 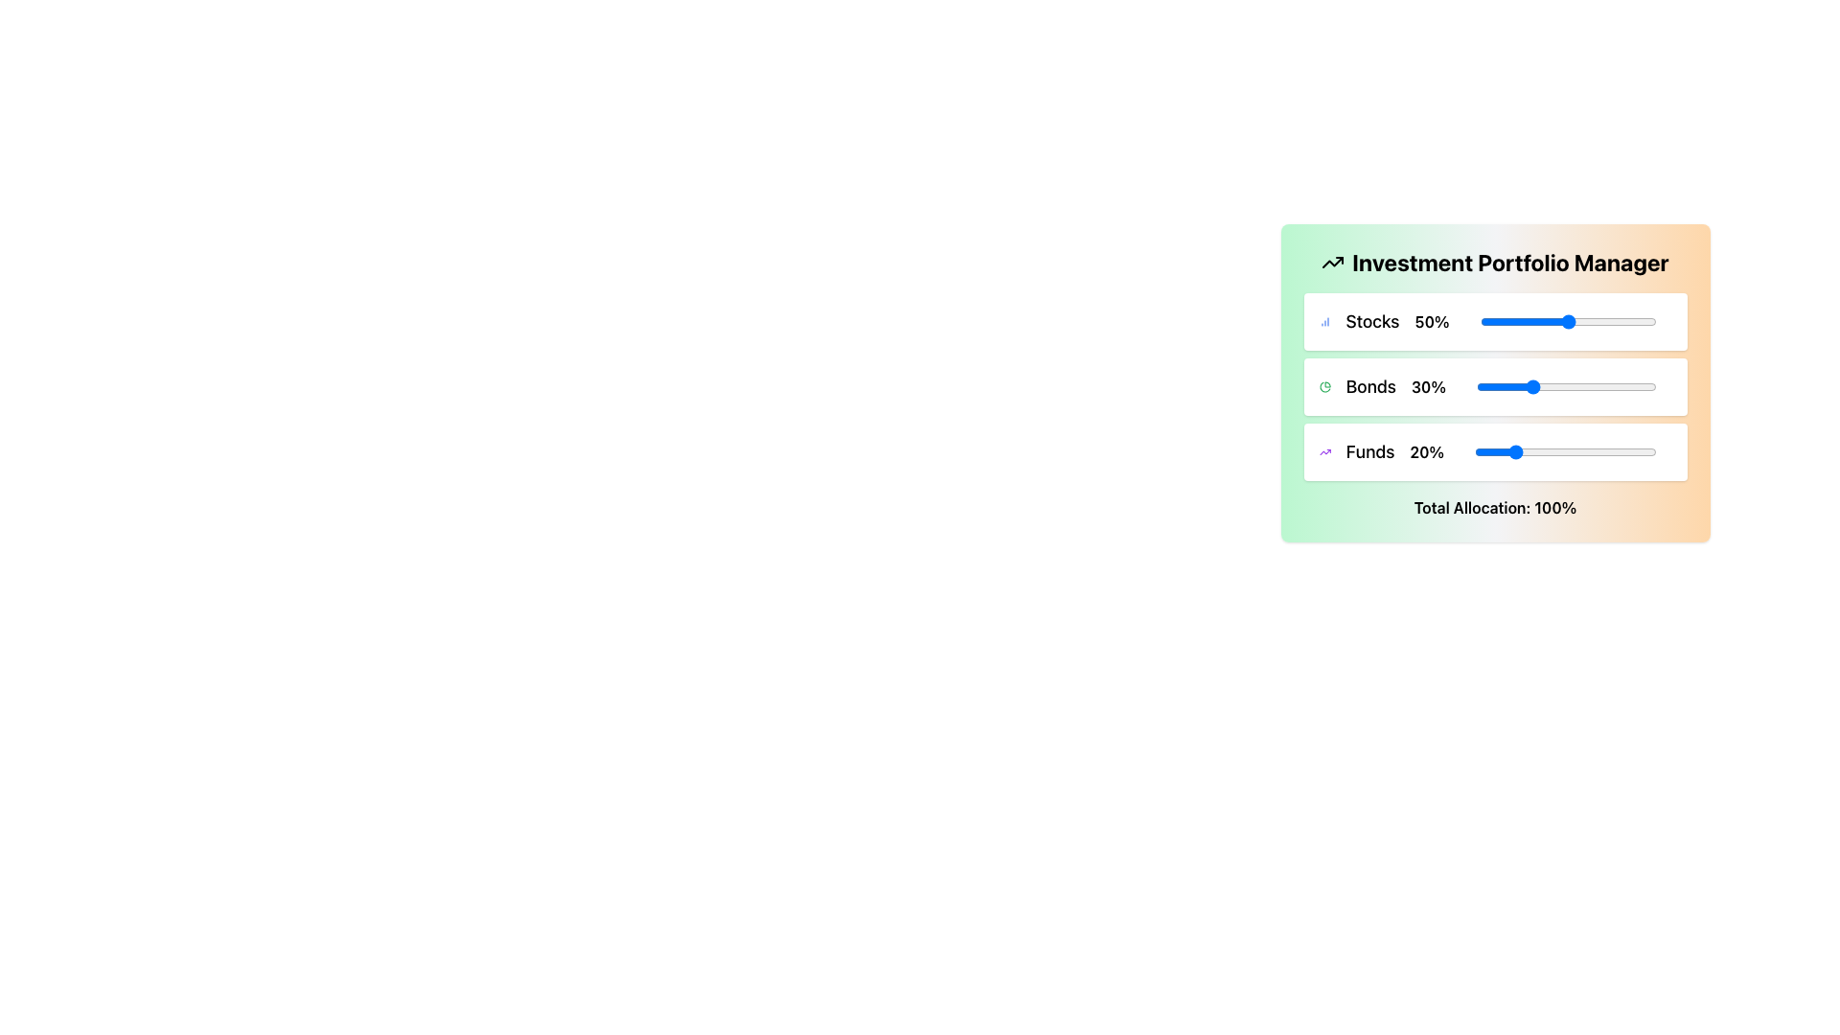 What do you see at coordinates (1323, 451) in the screenshot?
I see `the purple upward trending graph icon located in the Funds section, positioned to the left of the 'Funds' text` at bounding box center [1323, 451].